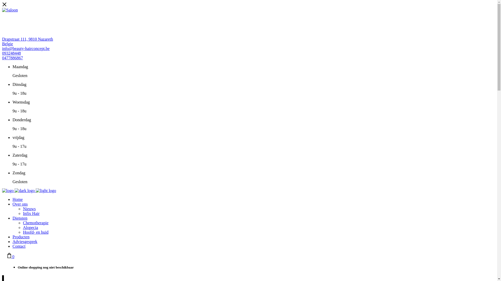  Describe the element at coordinates (31, 213) in the screenshot. I see `'Infix Hair'` at that location.